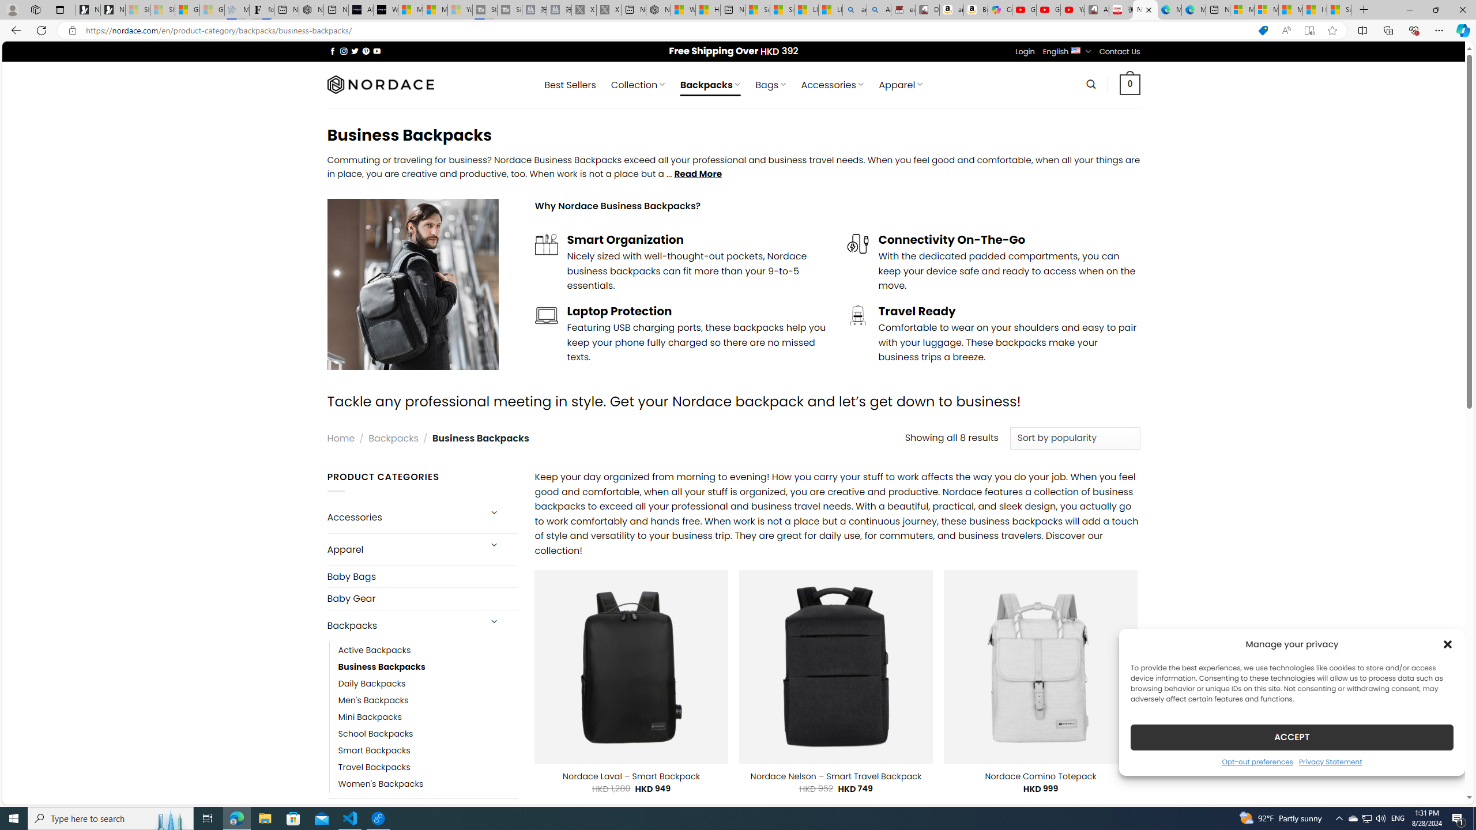 This screenshot has height=830, width=1476. Describe the element at coordinates (1074, 439) in the screenshot. I see `'Shop order'` at that location.